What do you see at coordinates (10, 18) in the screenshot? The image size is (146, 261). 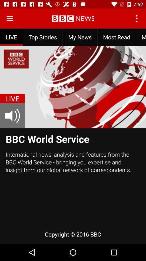 I see `open the menu` at bounding box center [10, 18].